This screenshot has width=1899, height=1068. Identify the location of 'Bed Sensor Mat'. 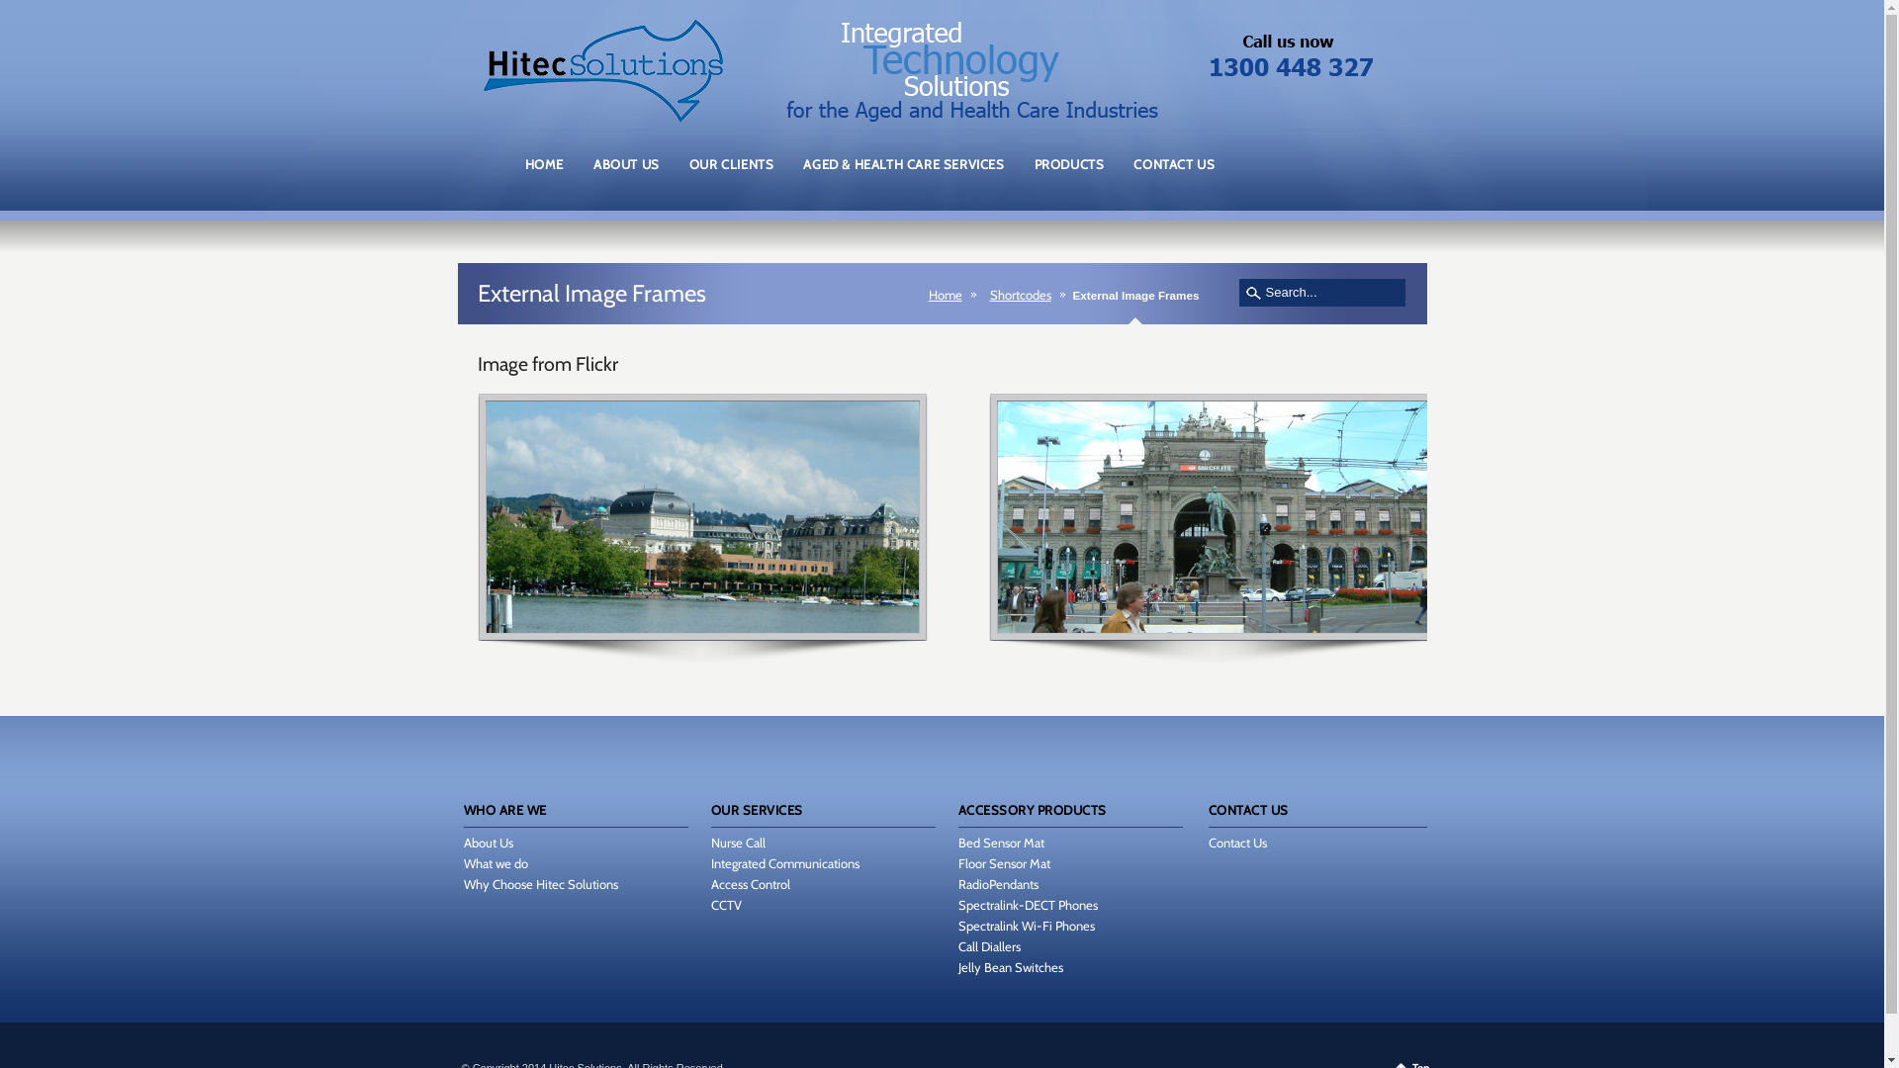
(1000, 843).